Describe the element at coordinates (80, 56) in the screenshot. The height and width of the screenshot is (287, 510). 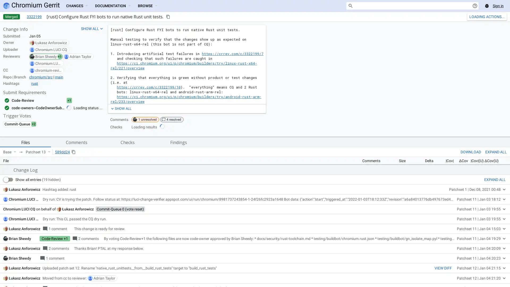
I see `Adrian Taylor` at that location.